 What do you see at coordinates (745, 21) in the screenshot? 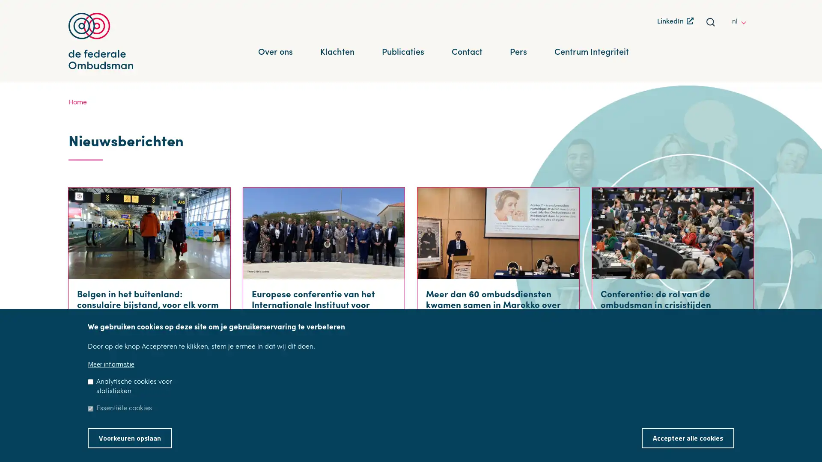
I see `other languages` at bounding box center [745, 21].